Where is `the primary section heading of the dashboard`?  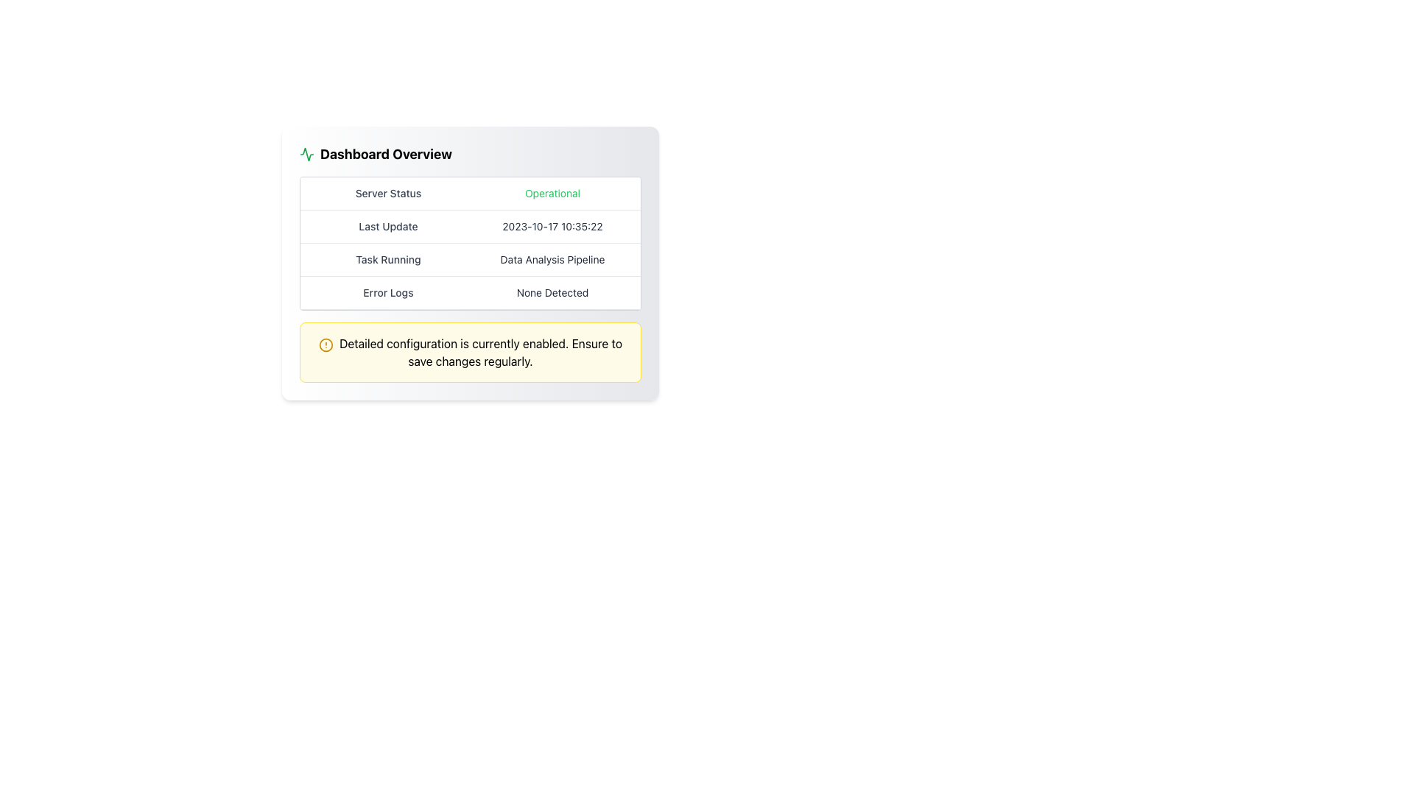
the primary section heading of the dashboard is located at coordinates (469, 154).